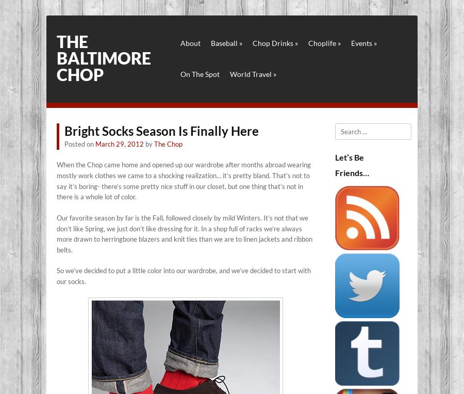 This screenshot has height=394, width=464. What do you see at coordinates (104, 57) in the screenshot?
I see `'The Baltimore Chop'` at bounding box center [104, 57].